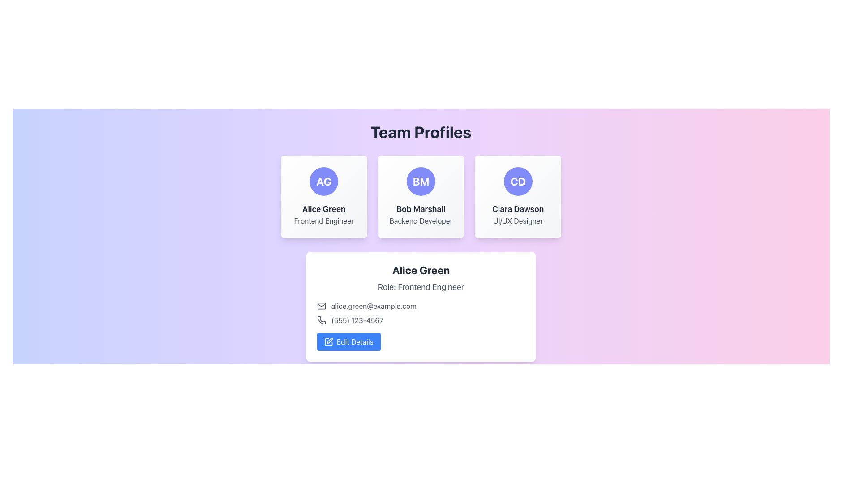 This screenshot has width=860, height=484. What do you see at coordinates (518, 221) in the screenshot?
I see `job title or role text displayed in the profile card for Clara Dawson, which is positioned beneath the name and aligned with the circular avatar` at bounding box center [518, 221].